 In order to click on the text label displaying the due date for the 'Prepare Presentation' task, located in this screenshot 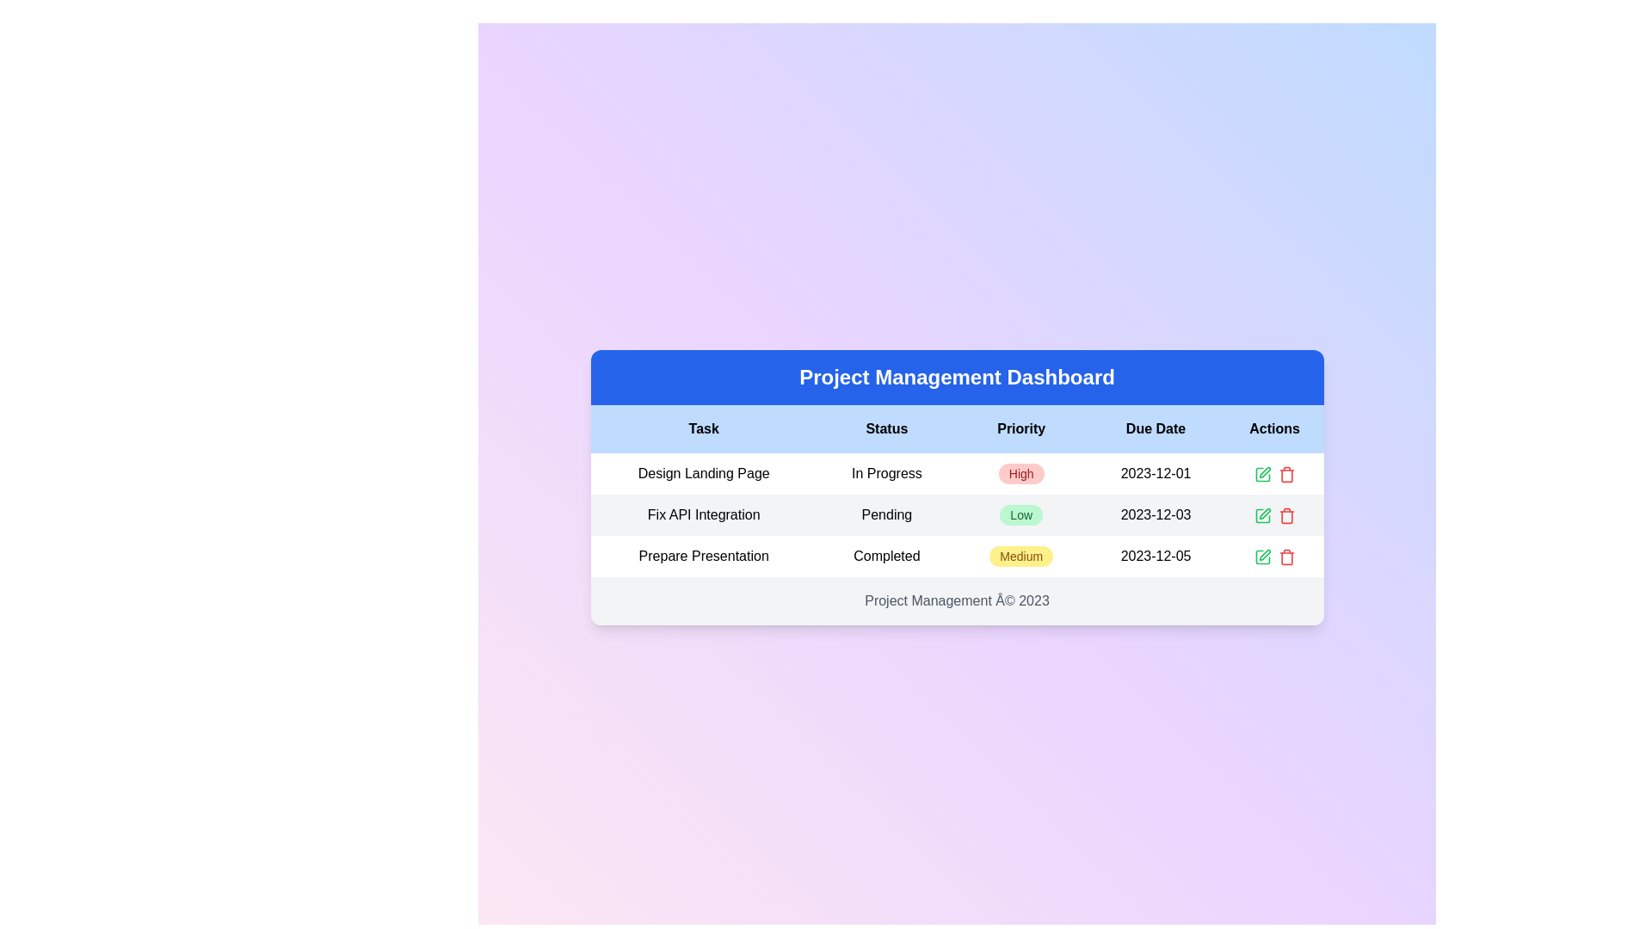, I will do `click(1156, 557)`.